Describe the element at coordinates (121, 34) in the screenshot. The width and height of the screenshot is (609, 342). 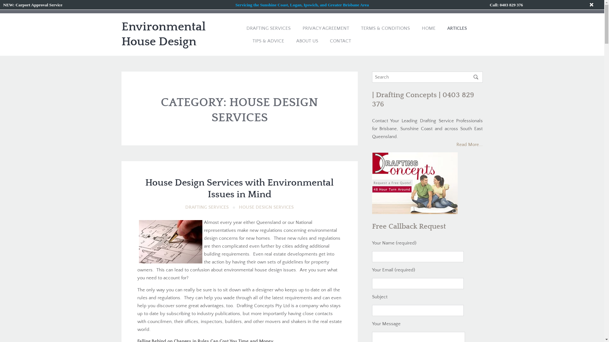
I see `'Environmental House Design'` at that location.